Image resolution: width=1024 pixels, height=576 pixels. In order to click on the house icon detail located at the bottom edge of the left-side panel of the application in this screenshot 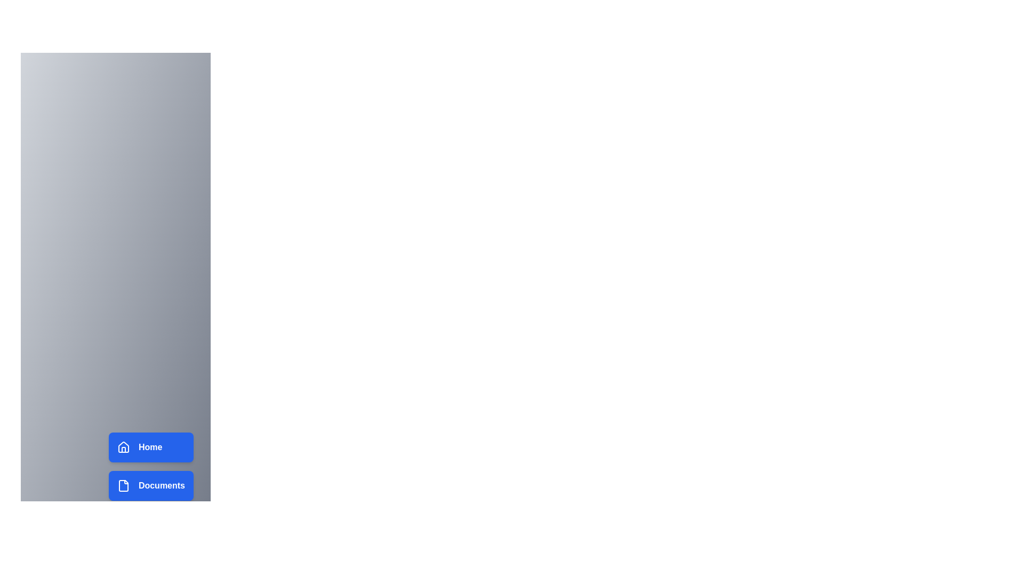, I will do `click(123, 450)`.